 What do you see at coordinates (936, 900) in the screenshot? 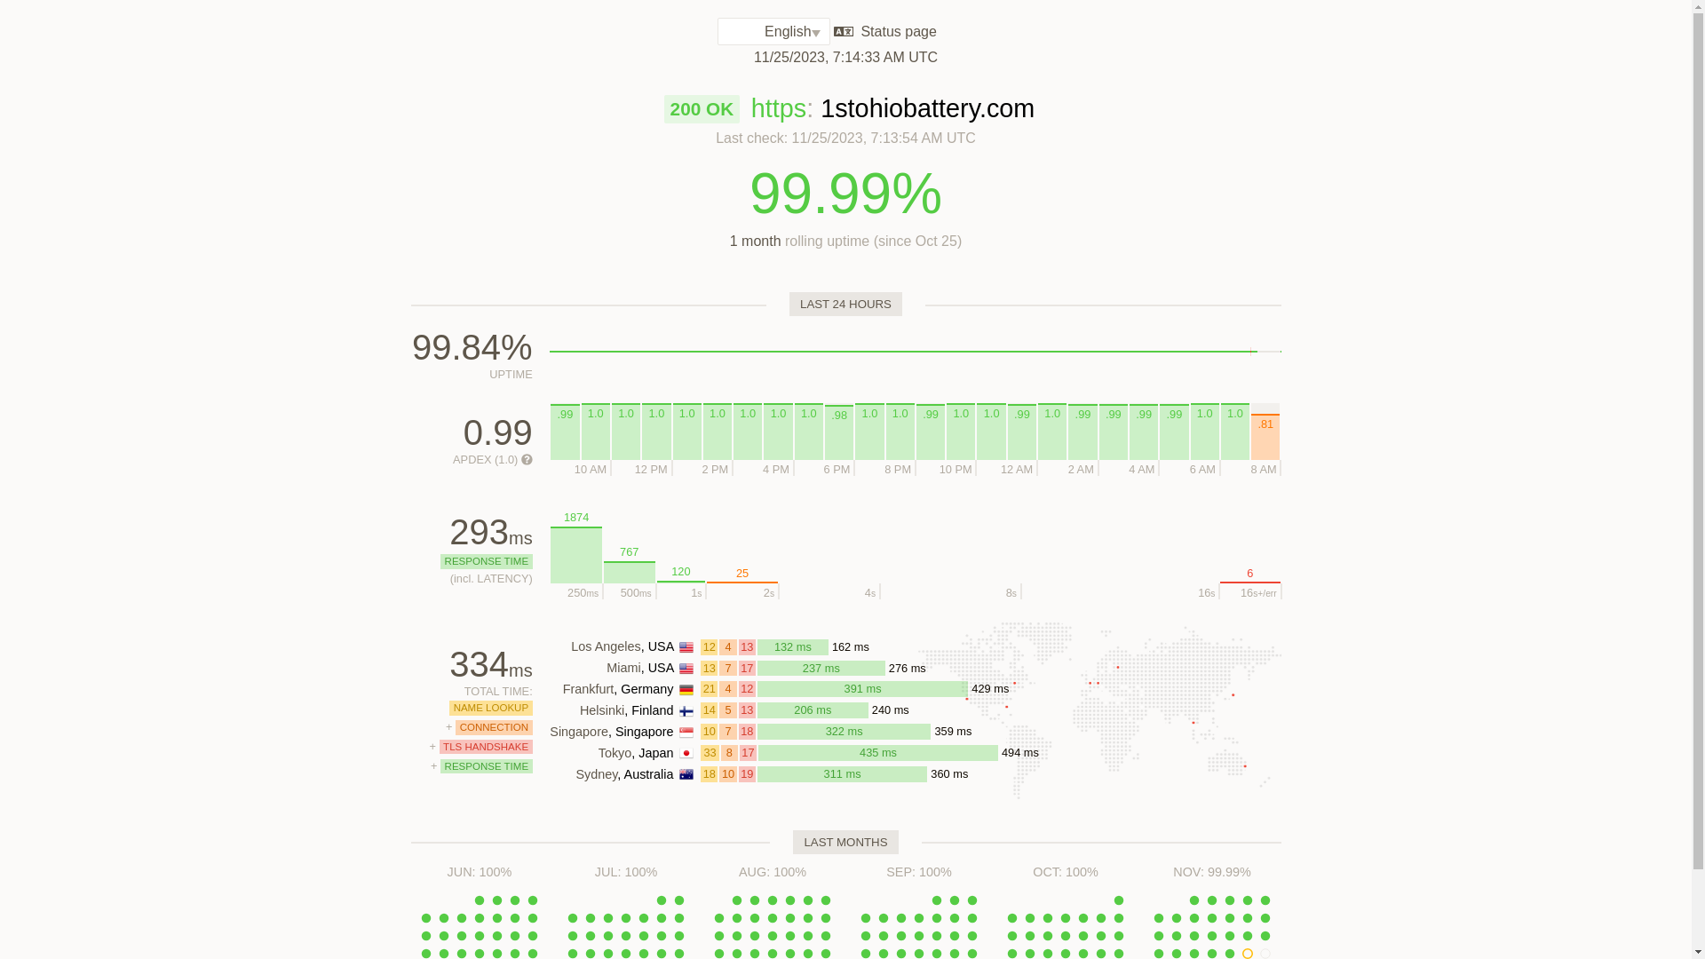
I see `'<small>Sep 01:</small> No downtime'` at bounding box center [936, 900].